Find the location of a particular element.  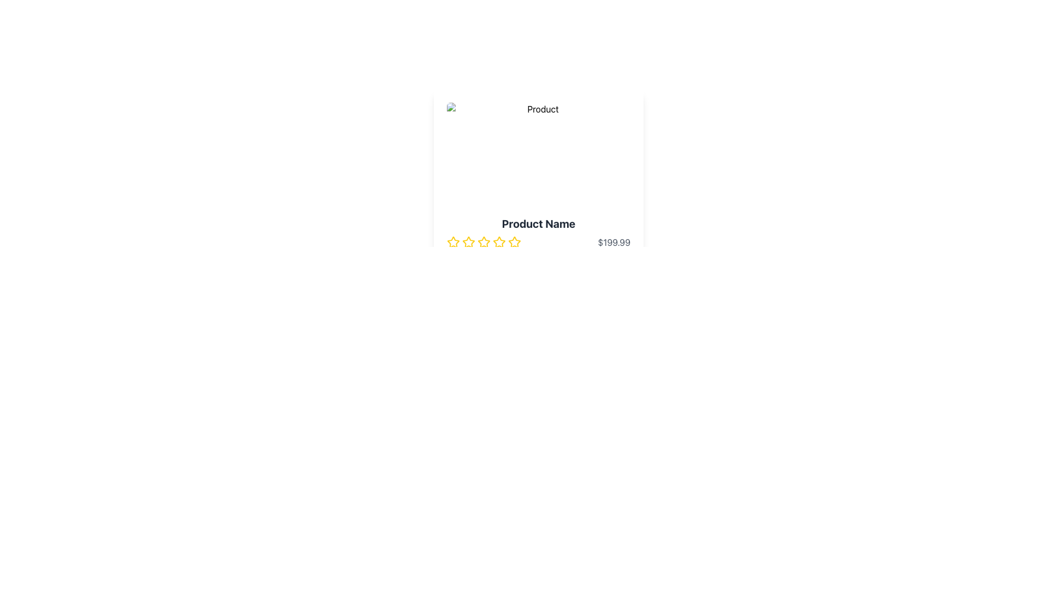

the fourth star icon in the rating system is located at coordinates (498, 241).